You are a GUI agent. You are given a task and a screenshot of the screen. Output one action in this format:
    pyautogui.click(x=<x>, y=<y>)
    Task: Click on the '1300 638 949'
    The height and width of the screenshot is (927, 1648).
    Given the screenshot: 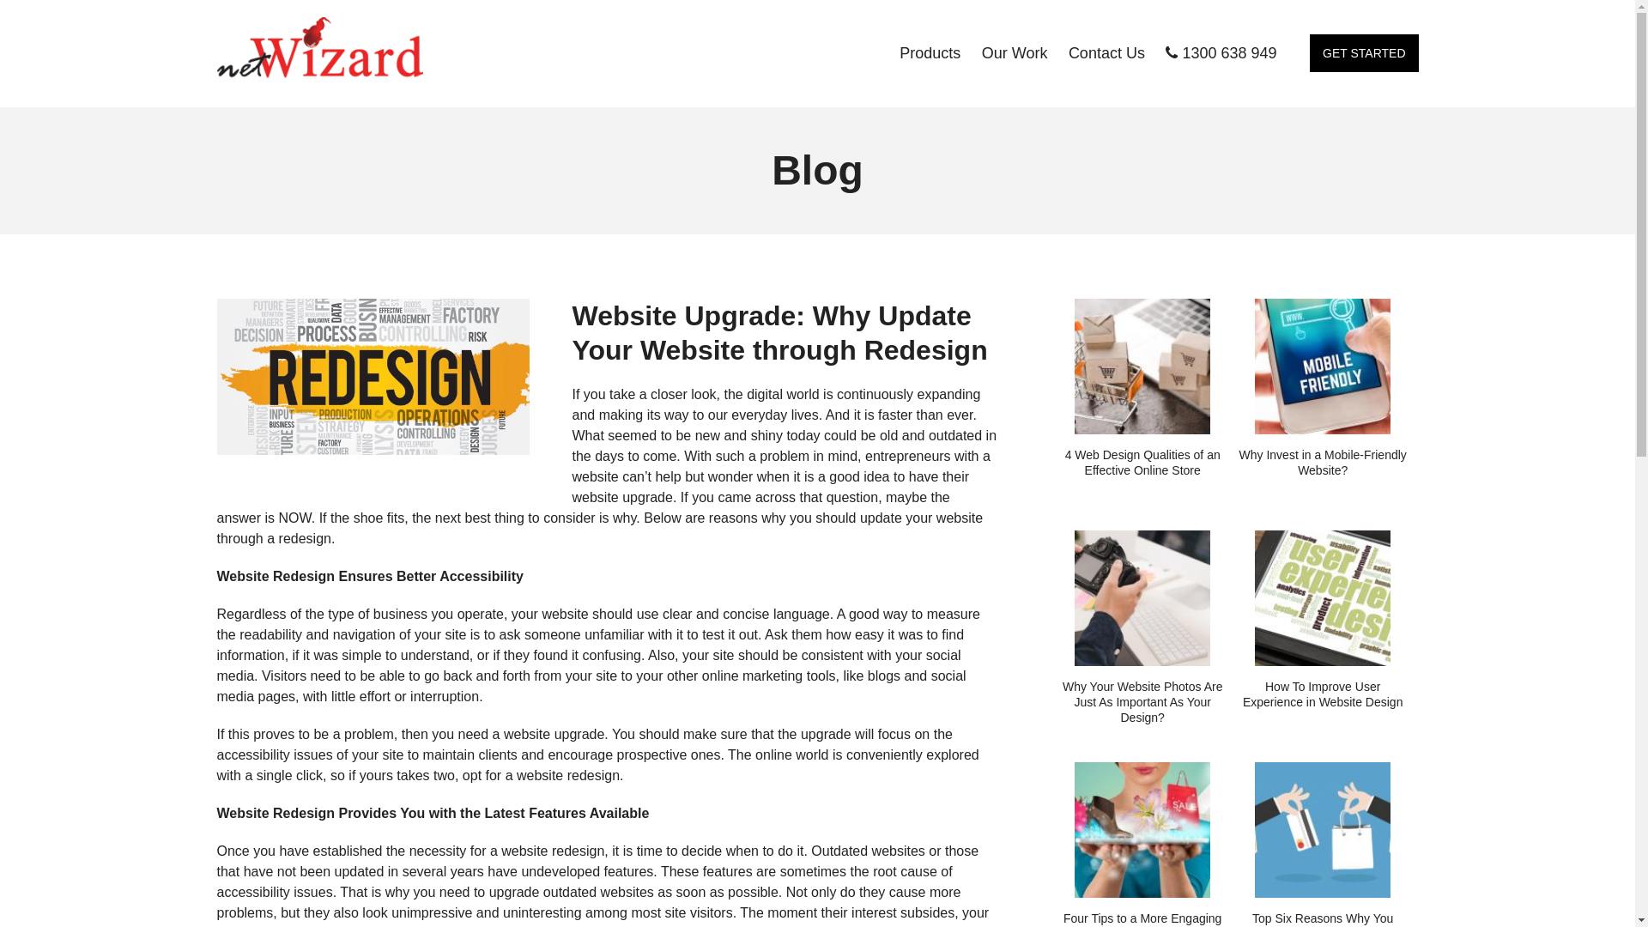 What is the action you would take?
    pyautogui.click(x=1220, y=51)
    